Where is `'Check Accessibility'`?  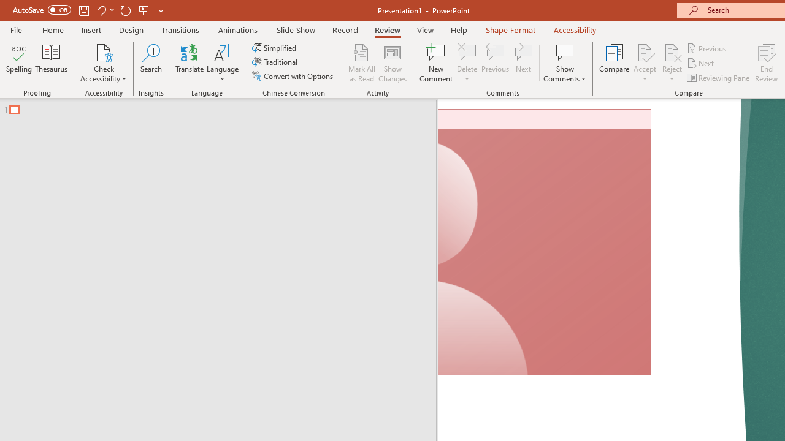
'Check Accessibility' is located at coordinates (104, 51).